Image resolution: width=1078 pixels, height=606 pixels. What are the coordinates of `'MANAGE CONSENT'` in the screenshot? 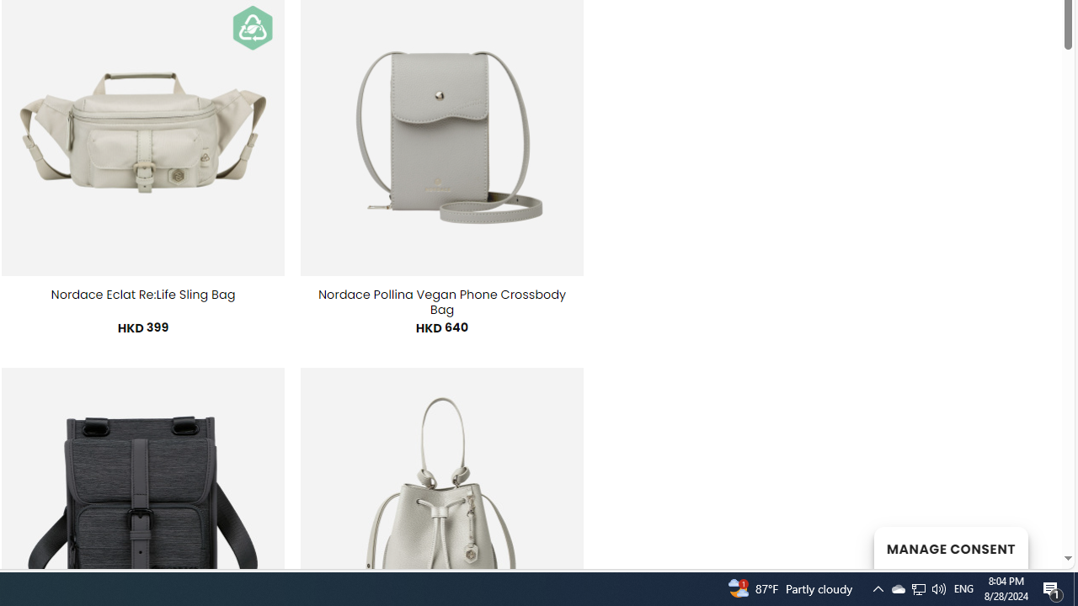 It's located at (950, 547).